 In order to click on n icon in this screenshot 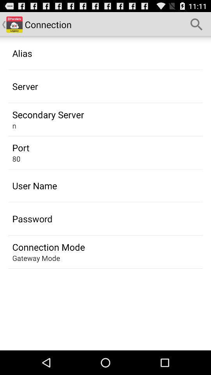, I will do `click(14, 125)`.